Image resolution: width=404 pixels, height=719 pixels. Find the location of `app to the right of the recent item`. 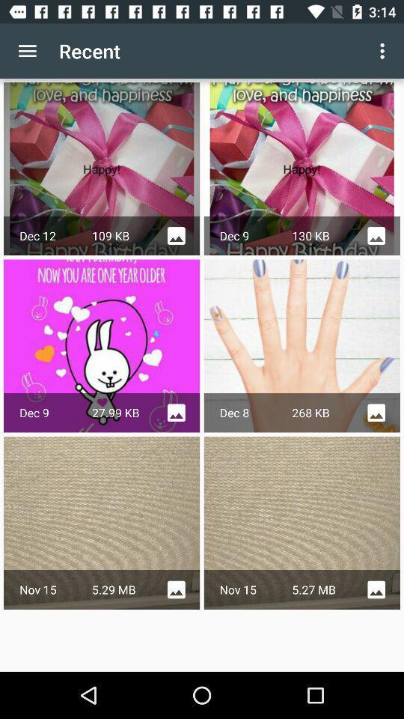

app to the right of the recent item is located at coordinates (384, 51).